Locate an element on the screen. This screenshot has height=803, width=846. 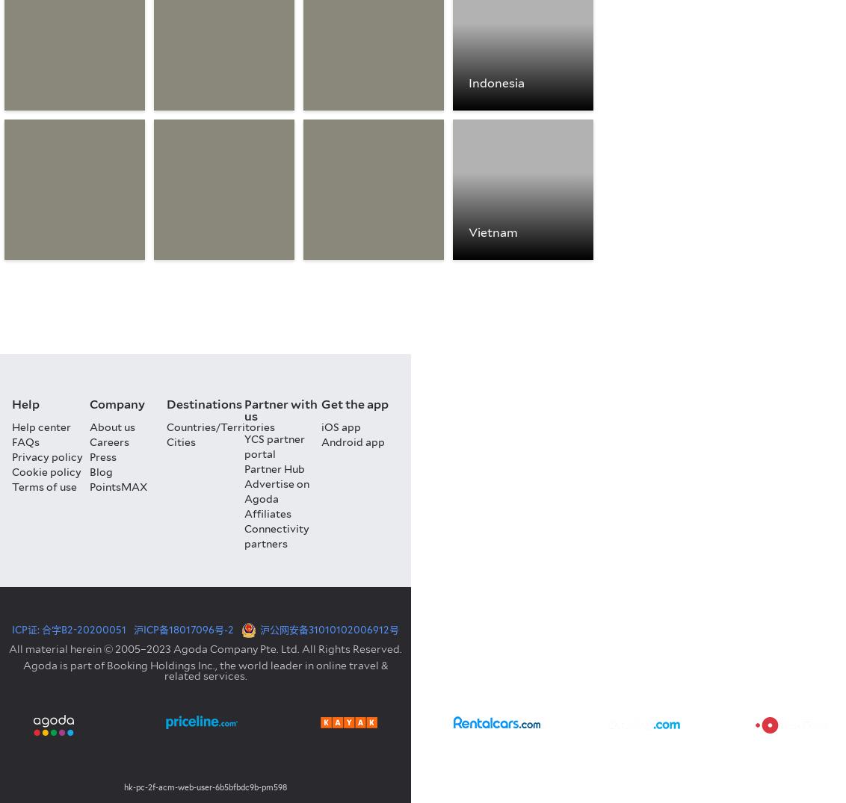
'Careers' is located at coordinates (108, 441).